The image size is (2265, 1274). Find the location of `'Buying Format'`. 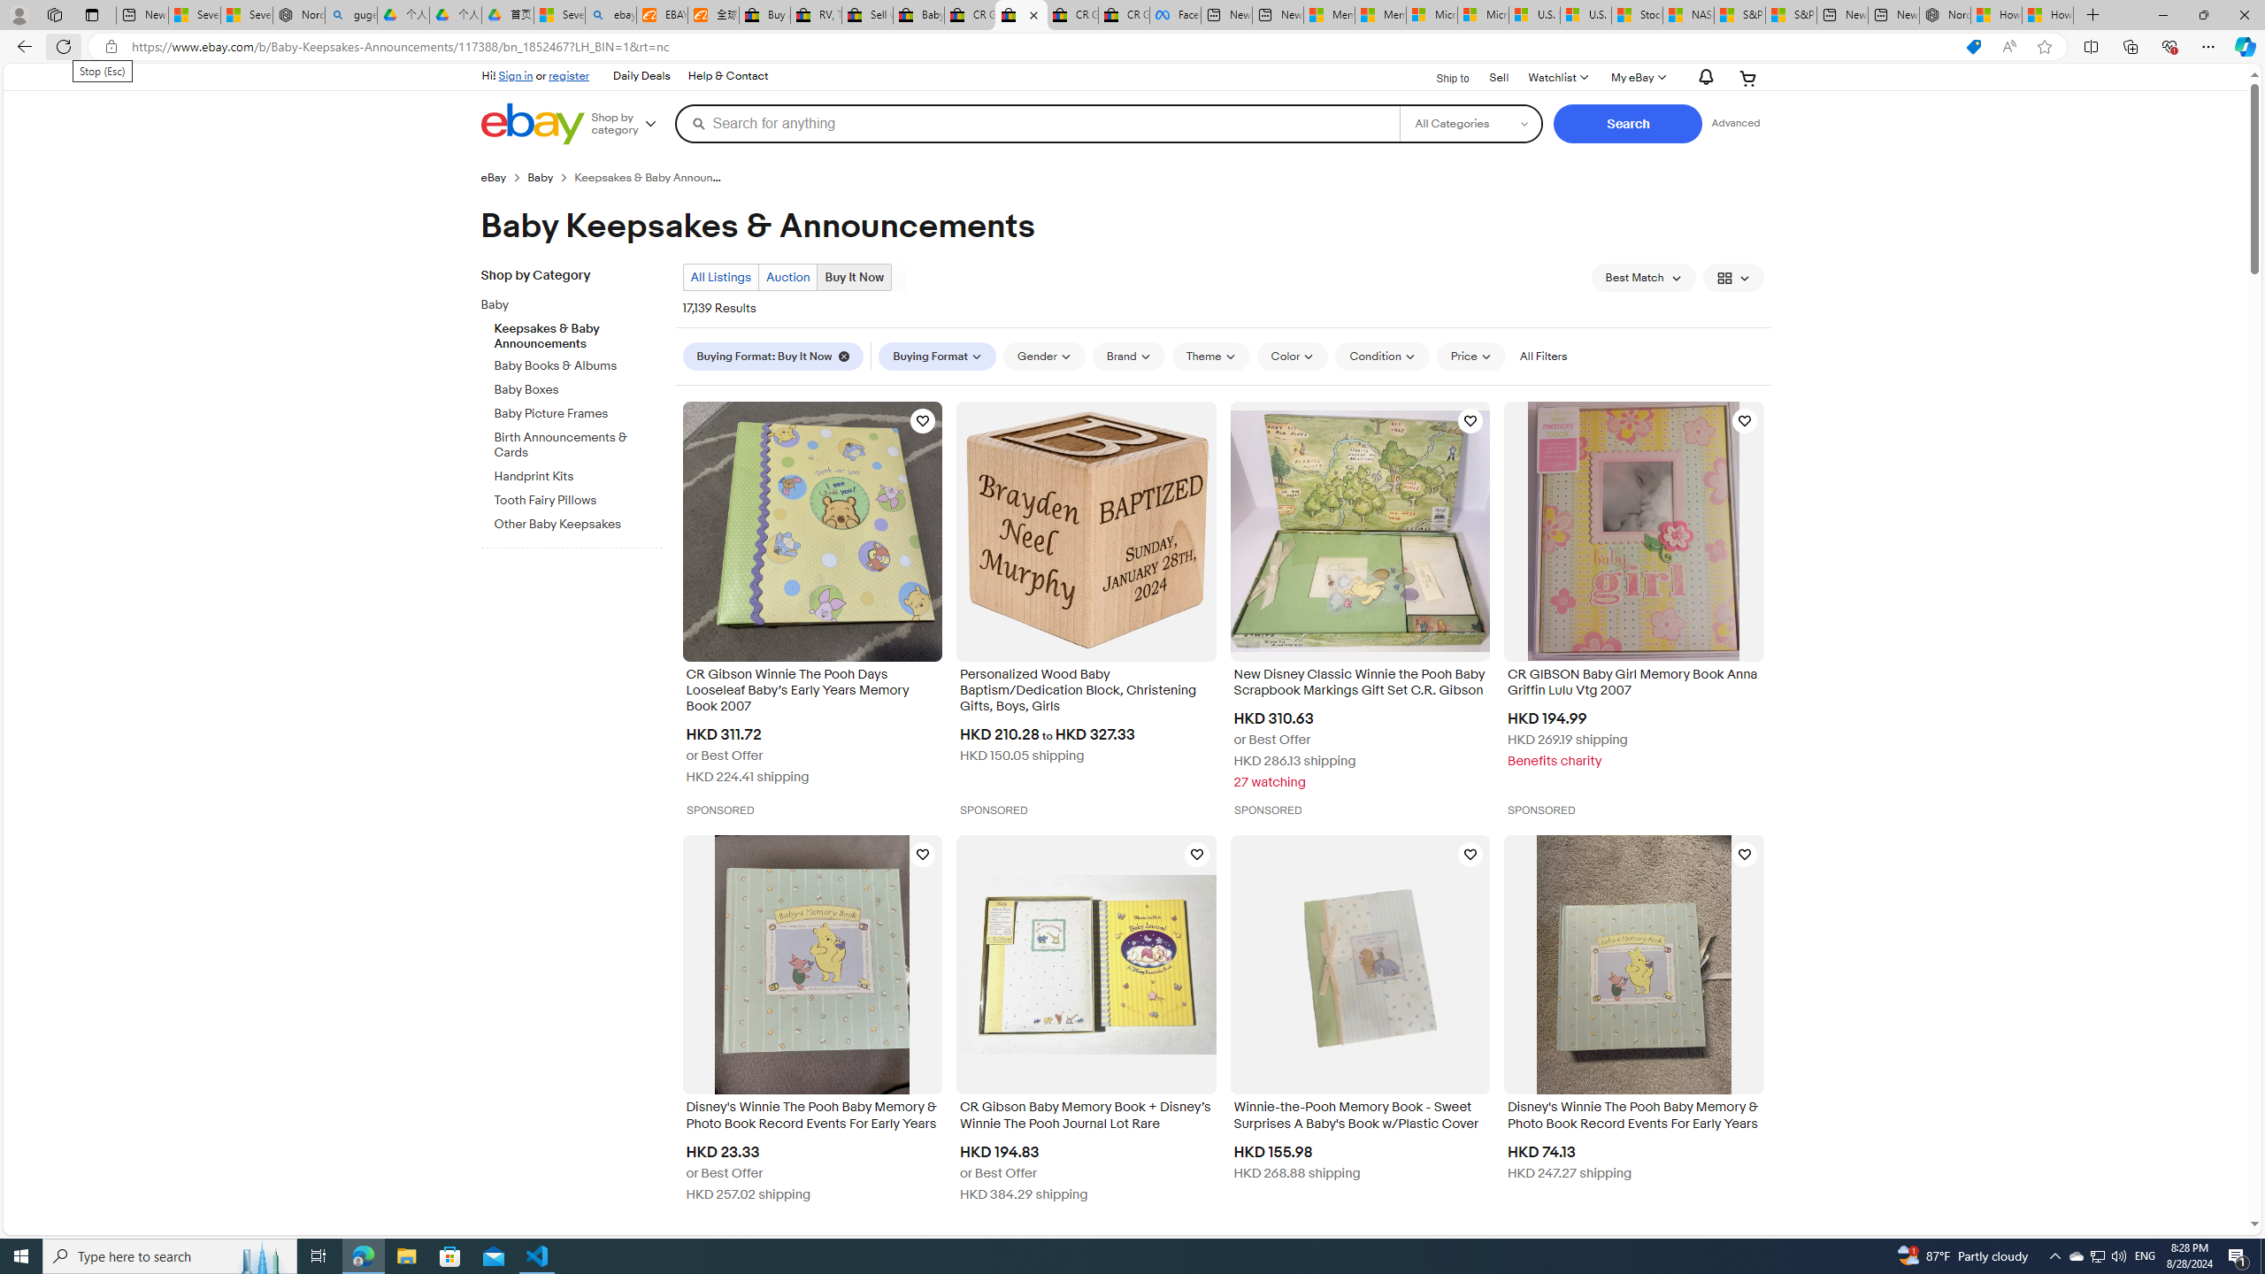

'Buying Format' is located at coordinates (937, 356).